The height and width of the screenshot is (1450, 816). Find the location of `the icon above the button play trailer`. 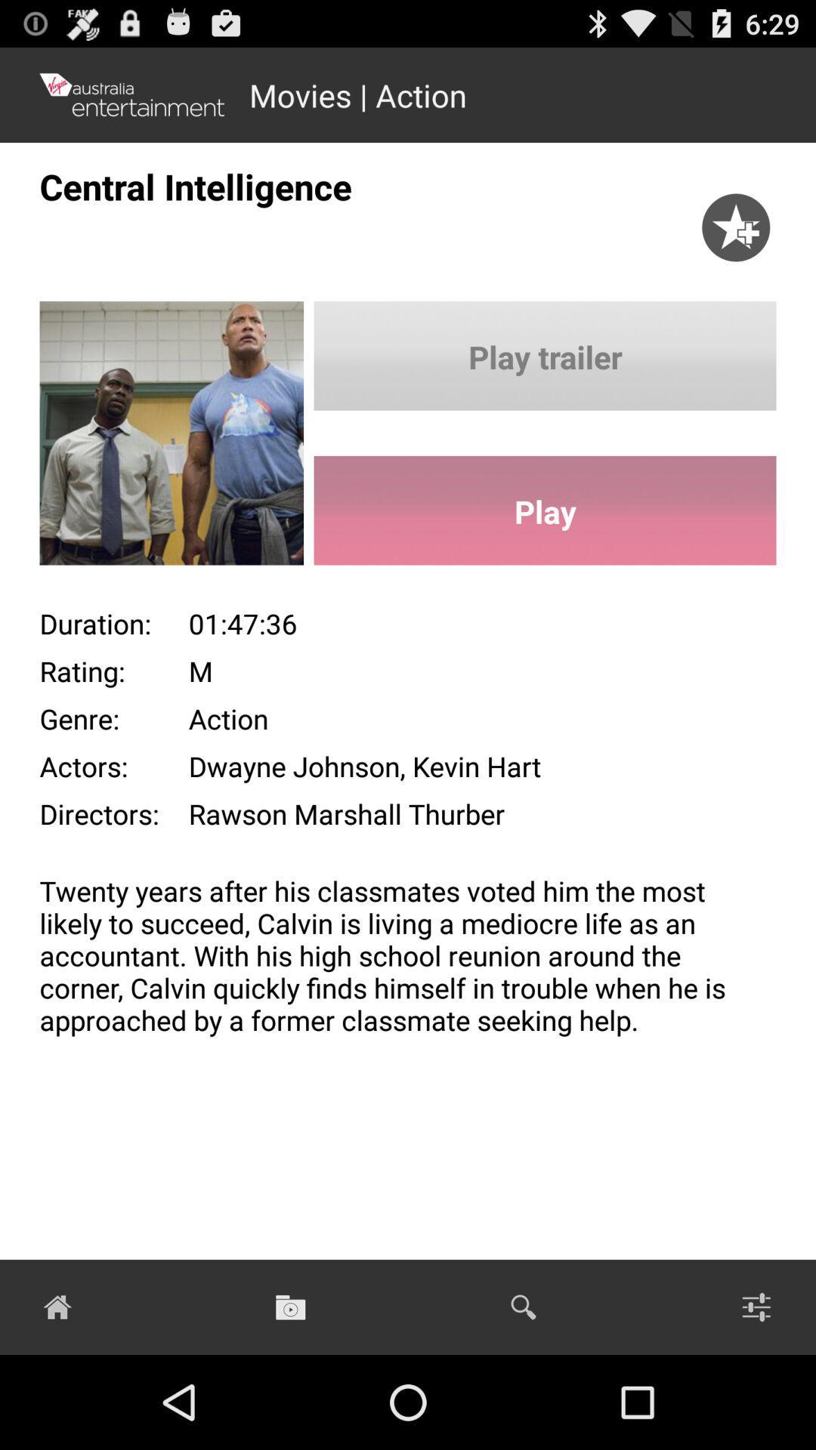

the icon above the button play trailer is located at coordinates (735, 211).